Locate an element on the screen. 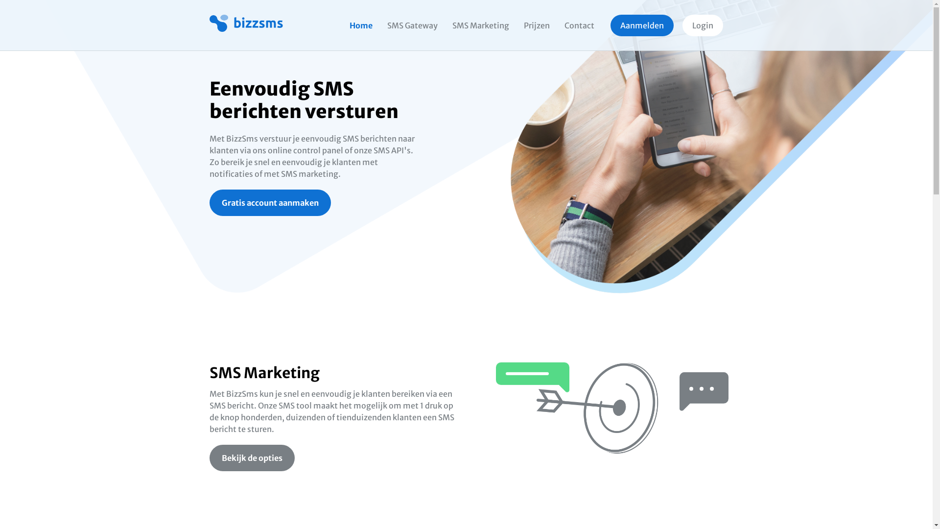  'SMS Marketing' is located at coordinates (444, 24).